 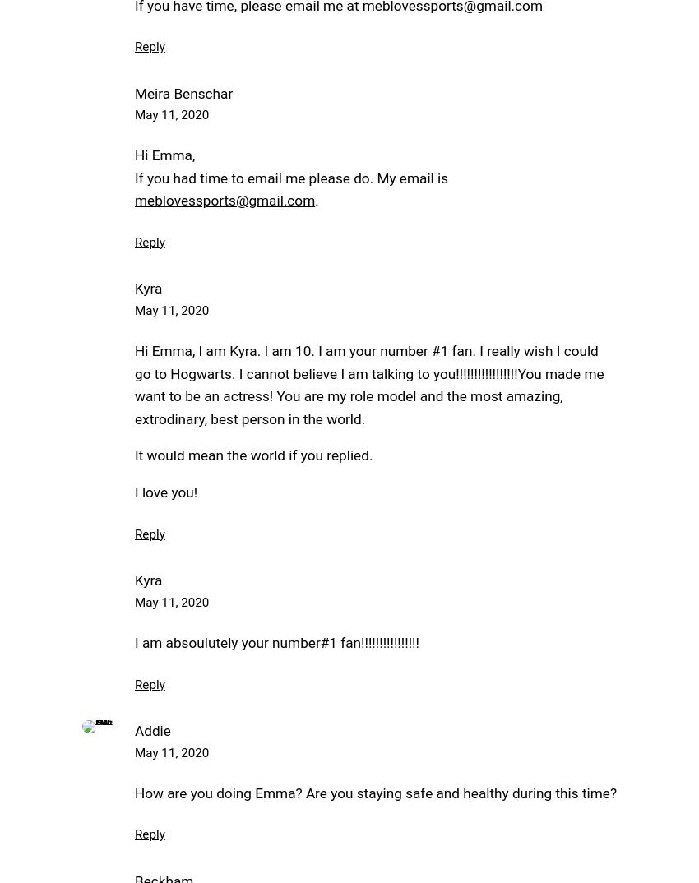 I want to click on 'Hi Emma, I am Kyra. I am 10. I am your number #1 fan. I really wish I could go to Hogwarts. I cannot believe I am talking to you!!!!!!!!!!!!!!!!!You made me want to be an actress! You are my role model and the most amazing, extrodinary, best person in the world.', so click(x=368, y=384).